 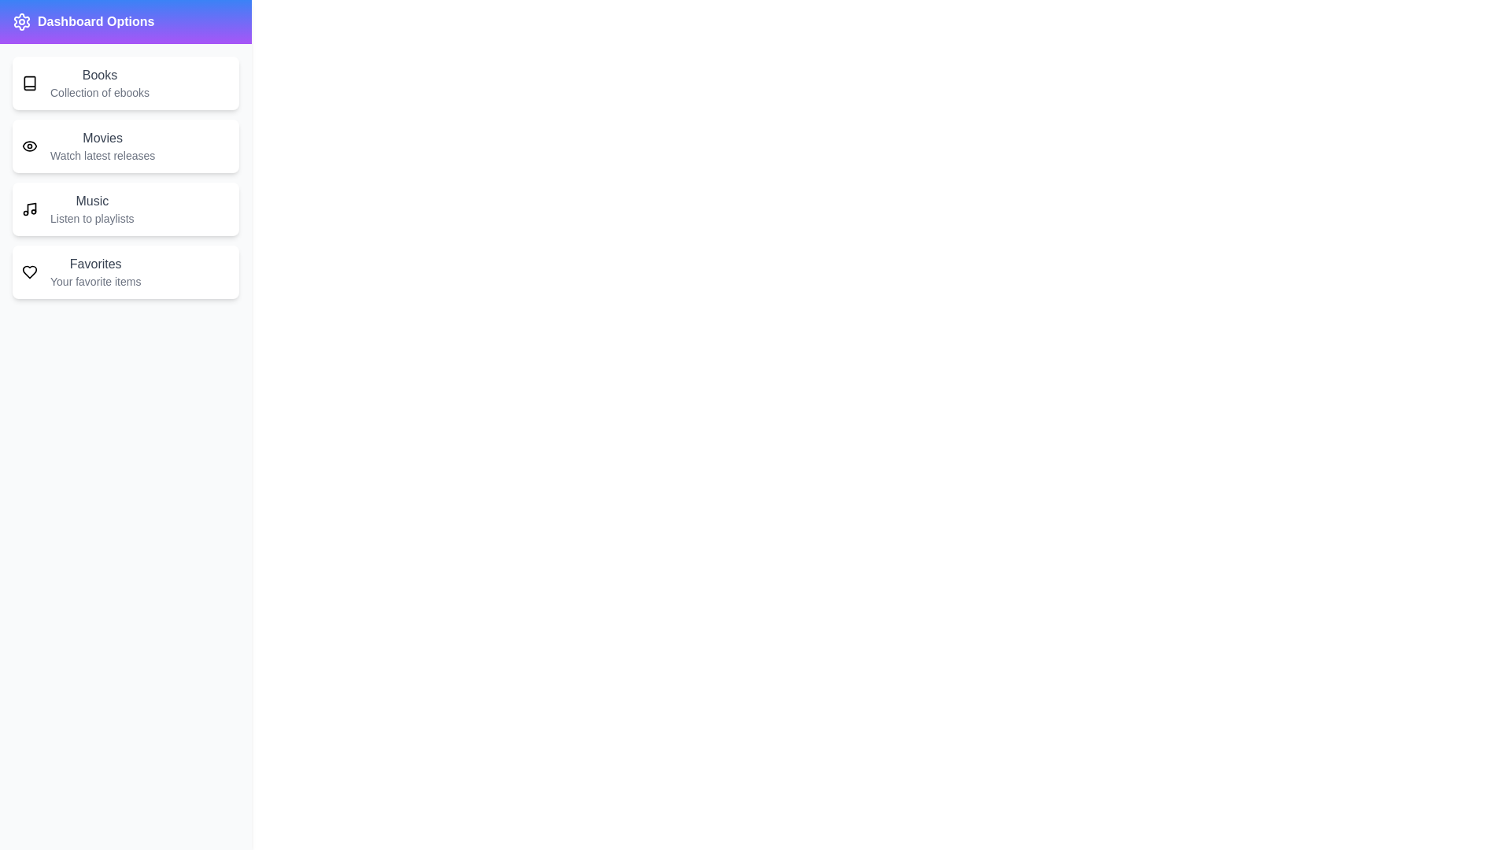 What do you see at coordinates (124, 209) in the screenshot?
I see `the menu item labeled 'Music' to observe its hover effect` at bounding box center [124, 209].